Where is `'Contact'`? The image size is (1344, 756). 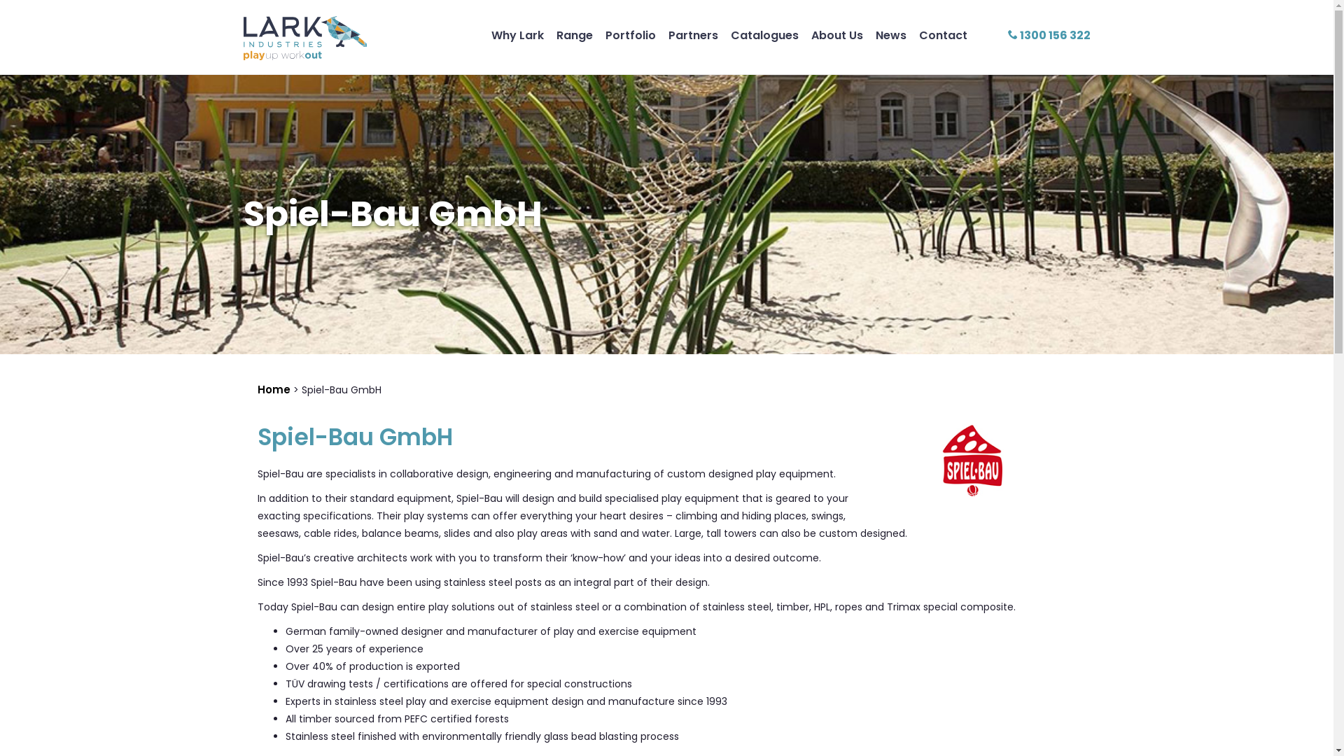 'Contact' is located at coordinates (942, 34).